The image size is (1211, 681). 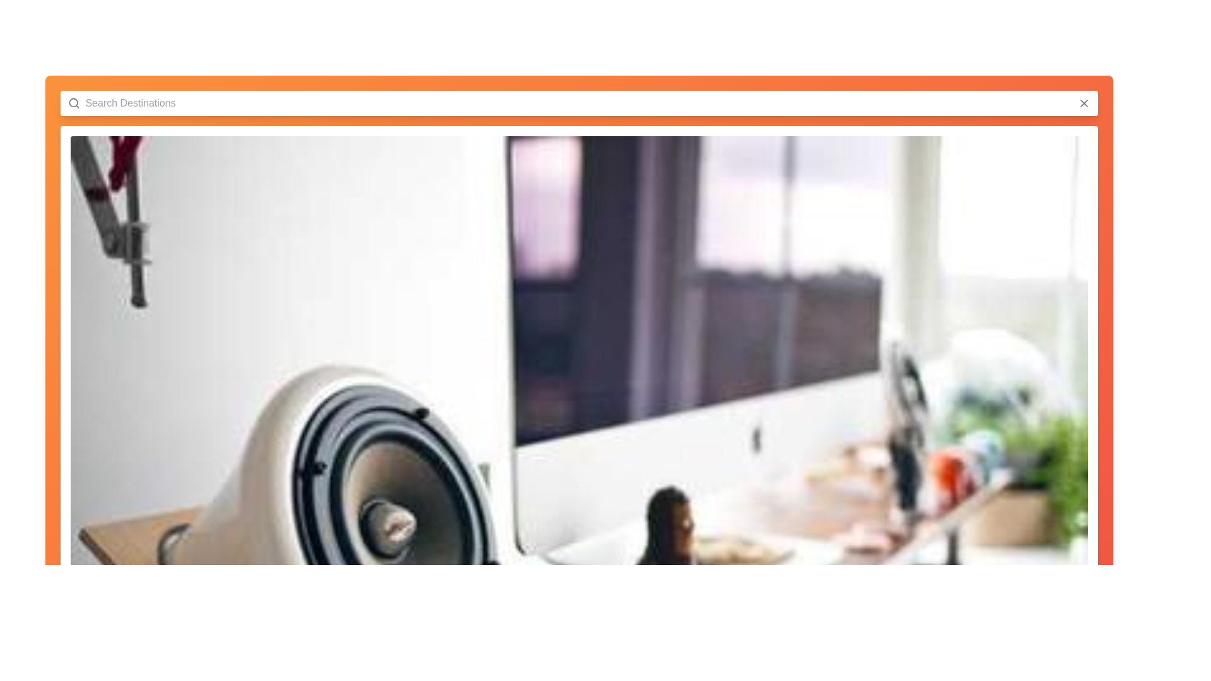 I want to click on the 'X' shaped close button located in the upper-right corner of the header bar, so click(x=1083, y=103).